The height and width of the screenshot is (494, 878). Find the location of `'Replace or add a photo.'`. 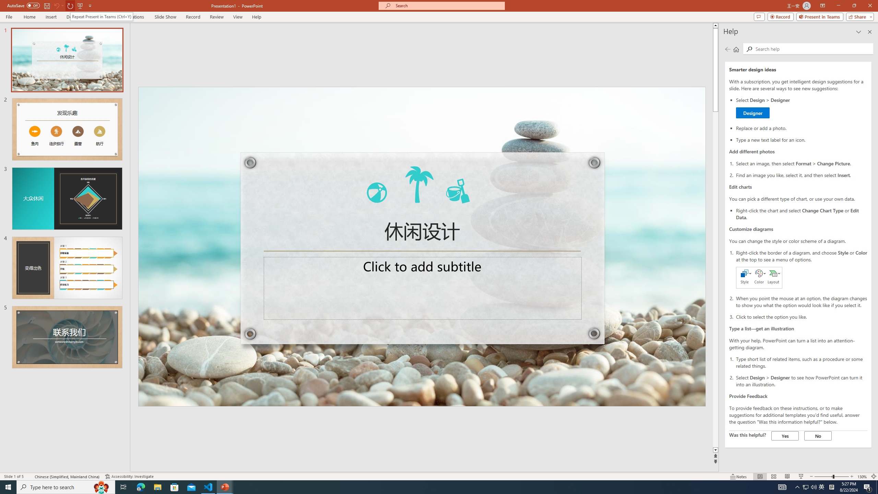

'Replace or add a photo.' is located at coordinates (801, 127).